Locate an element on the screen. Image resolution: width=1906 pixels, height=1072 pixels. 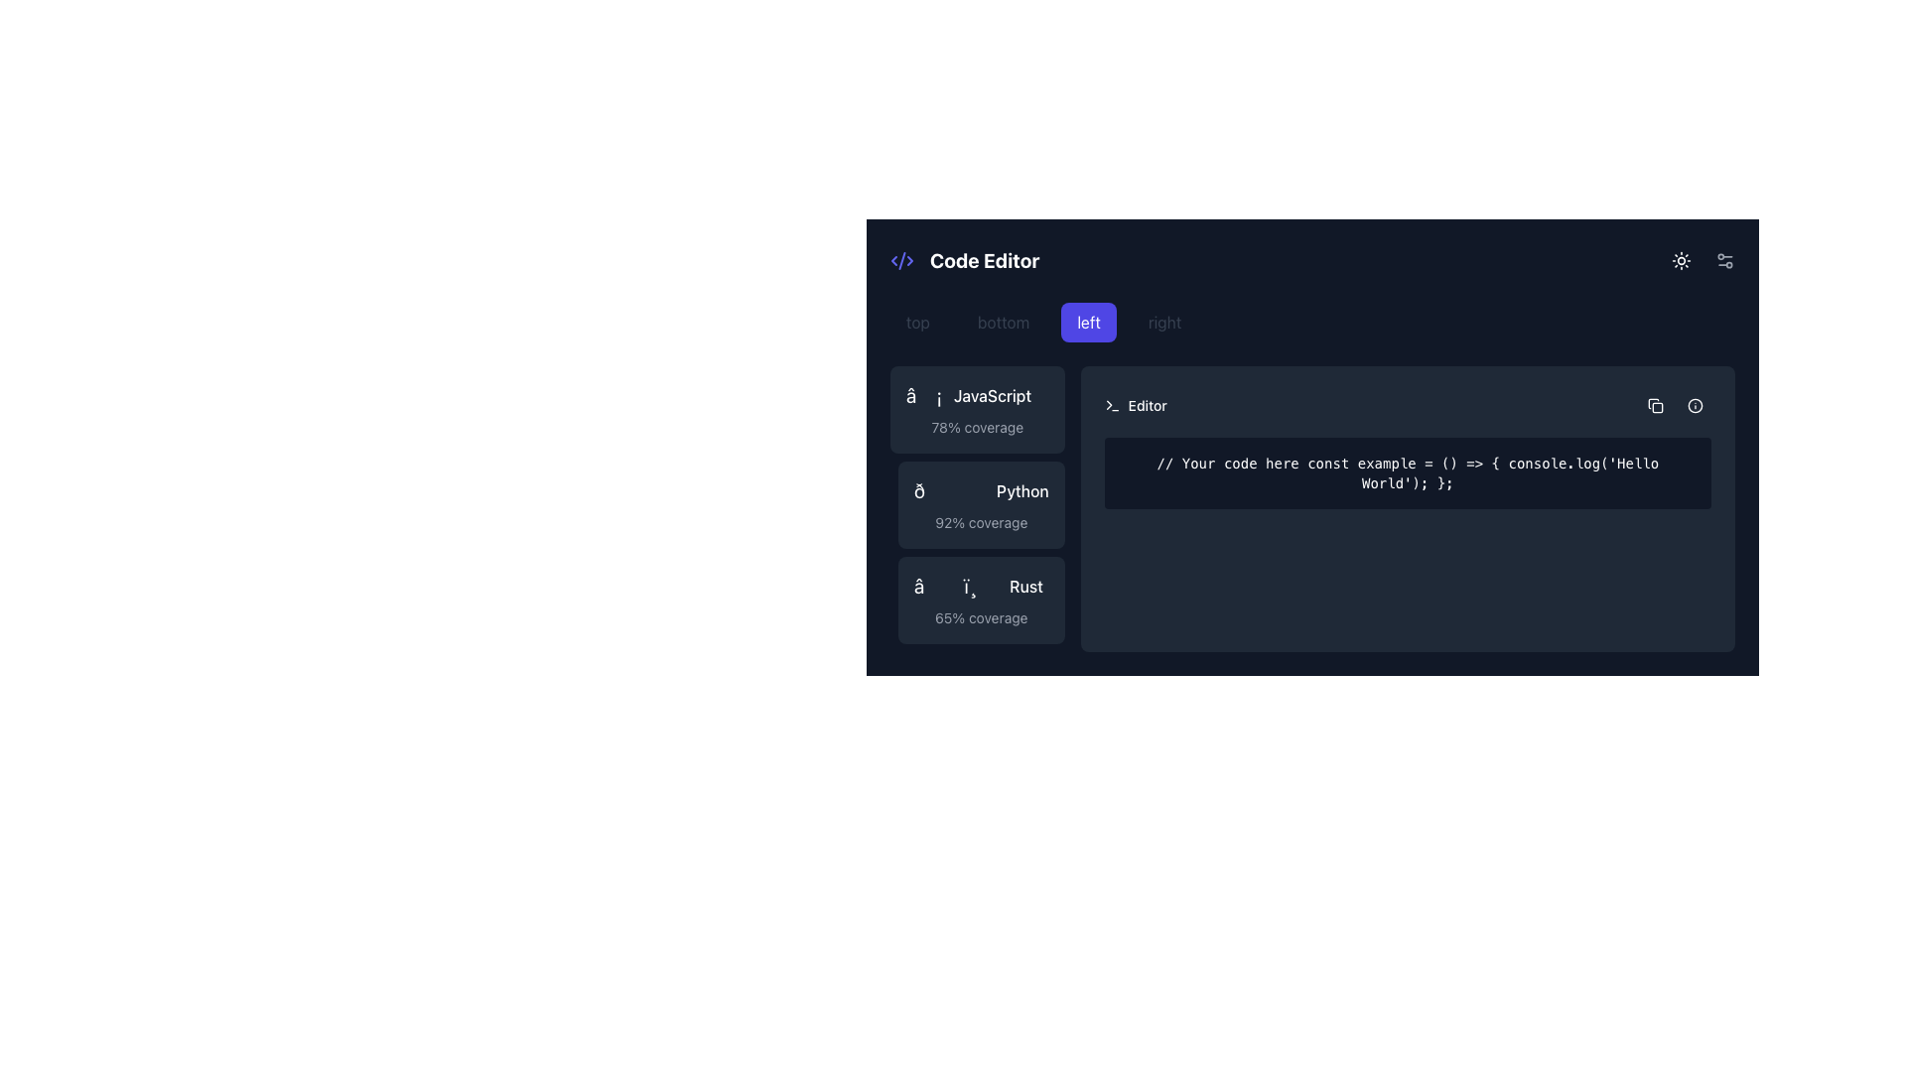
the information/help Icon button located to the far right side near the top of the code editor area is located at coordinates (1695, 404).